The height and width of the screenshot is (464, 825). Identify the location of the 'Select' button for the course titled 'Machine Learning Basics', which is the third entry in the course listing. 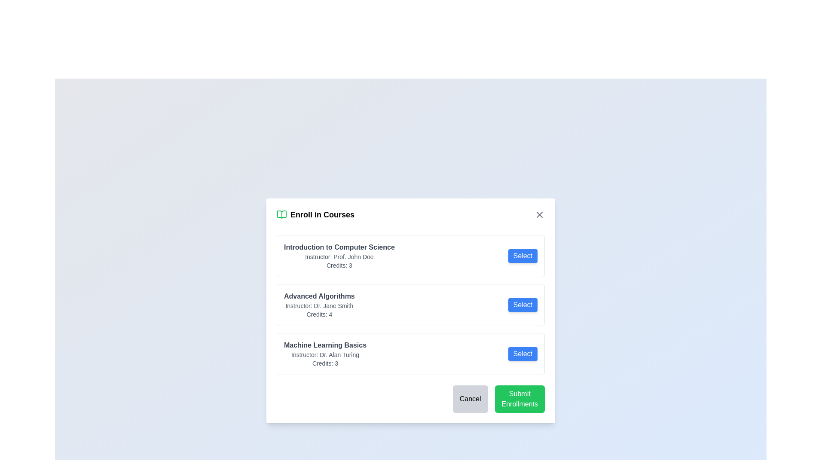
(410, 353).